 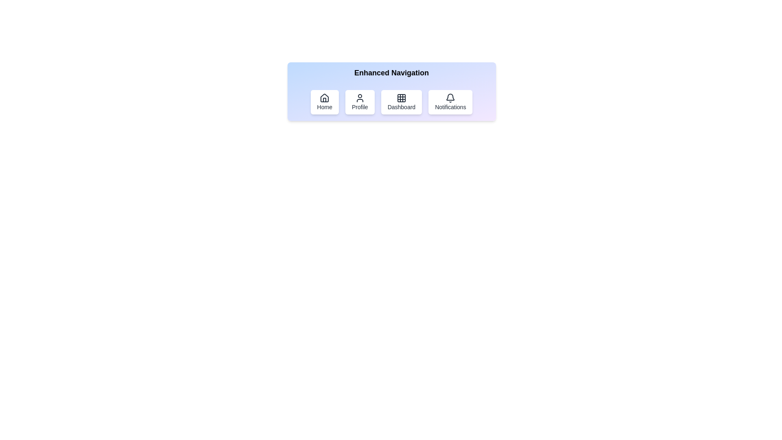 What do you see at coordinates (450, 97) in the screenshot?
I see `the notification icon located at the top-right corner of the navigation bar, which is labeled 'Notifications'` at bounding box center [450, 97].